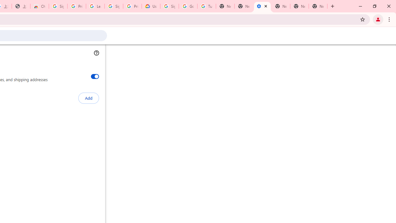 Image resolution: width=396 pixels, height=223 pixels. Describe the element at coordinates (188, 6) in the screenshot. I see `'Google Account Help'` at that location.